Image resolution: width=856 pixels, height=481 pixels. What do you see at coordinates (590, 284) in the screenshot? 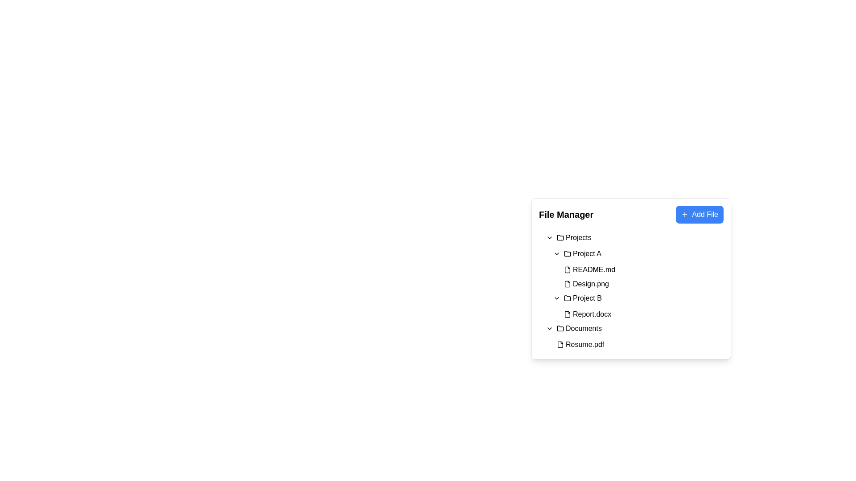
I see `the 'Design.png' file name displayed` at bounding box center [590, 284].